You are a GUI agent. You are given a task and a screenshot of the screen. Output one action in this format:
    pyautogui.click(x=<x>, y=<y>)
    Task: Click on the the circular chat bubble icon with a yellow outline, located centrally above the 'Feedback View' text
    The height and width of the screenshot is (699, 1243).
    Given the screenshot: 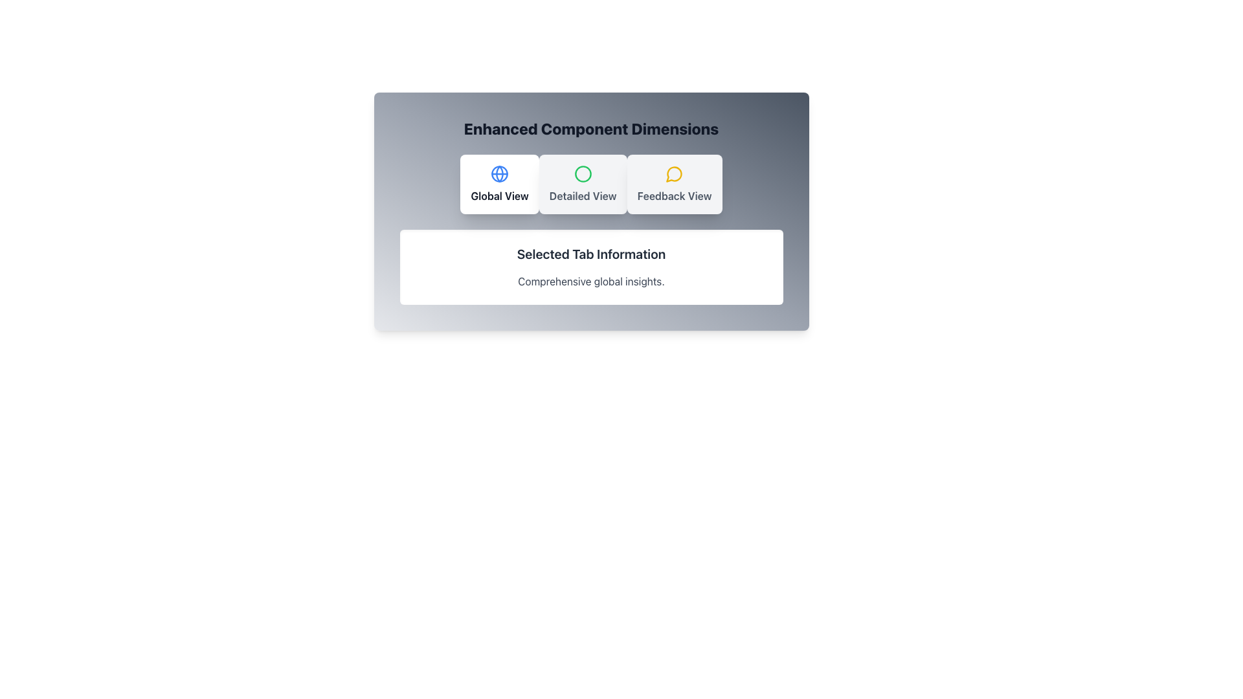 What is the action you would take?
    pyautogui.click(x=673, y=173)
    